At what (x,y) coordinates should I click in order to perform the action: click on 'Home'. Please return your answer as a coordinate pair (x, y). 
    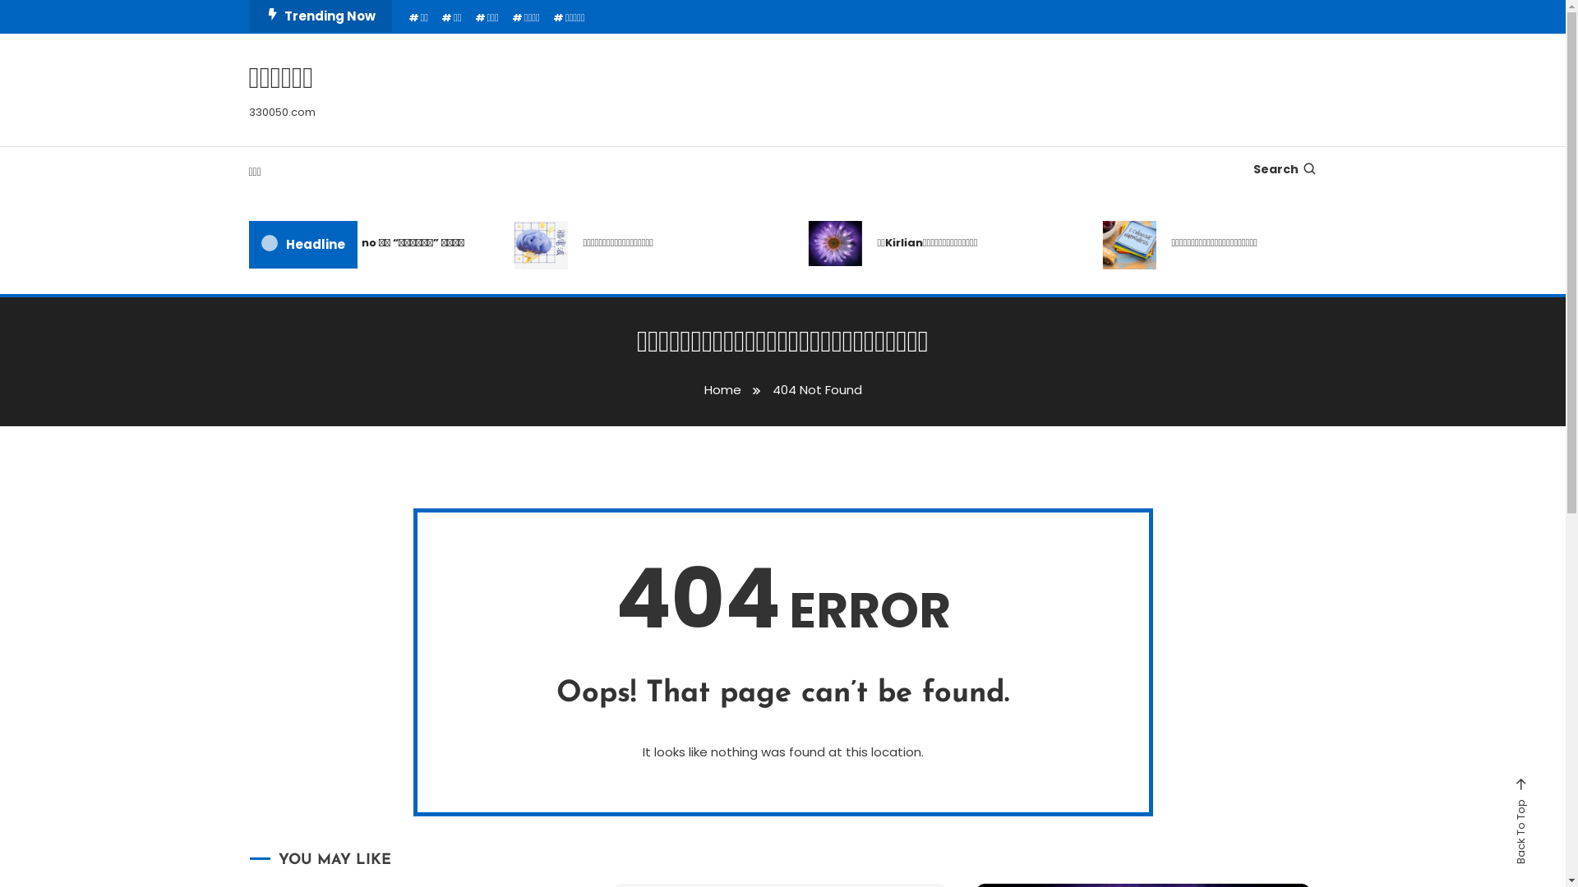
    Looking at the image, I should click on (722, 389).